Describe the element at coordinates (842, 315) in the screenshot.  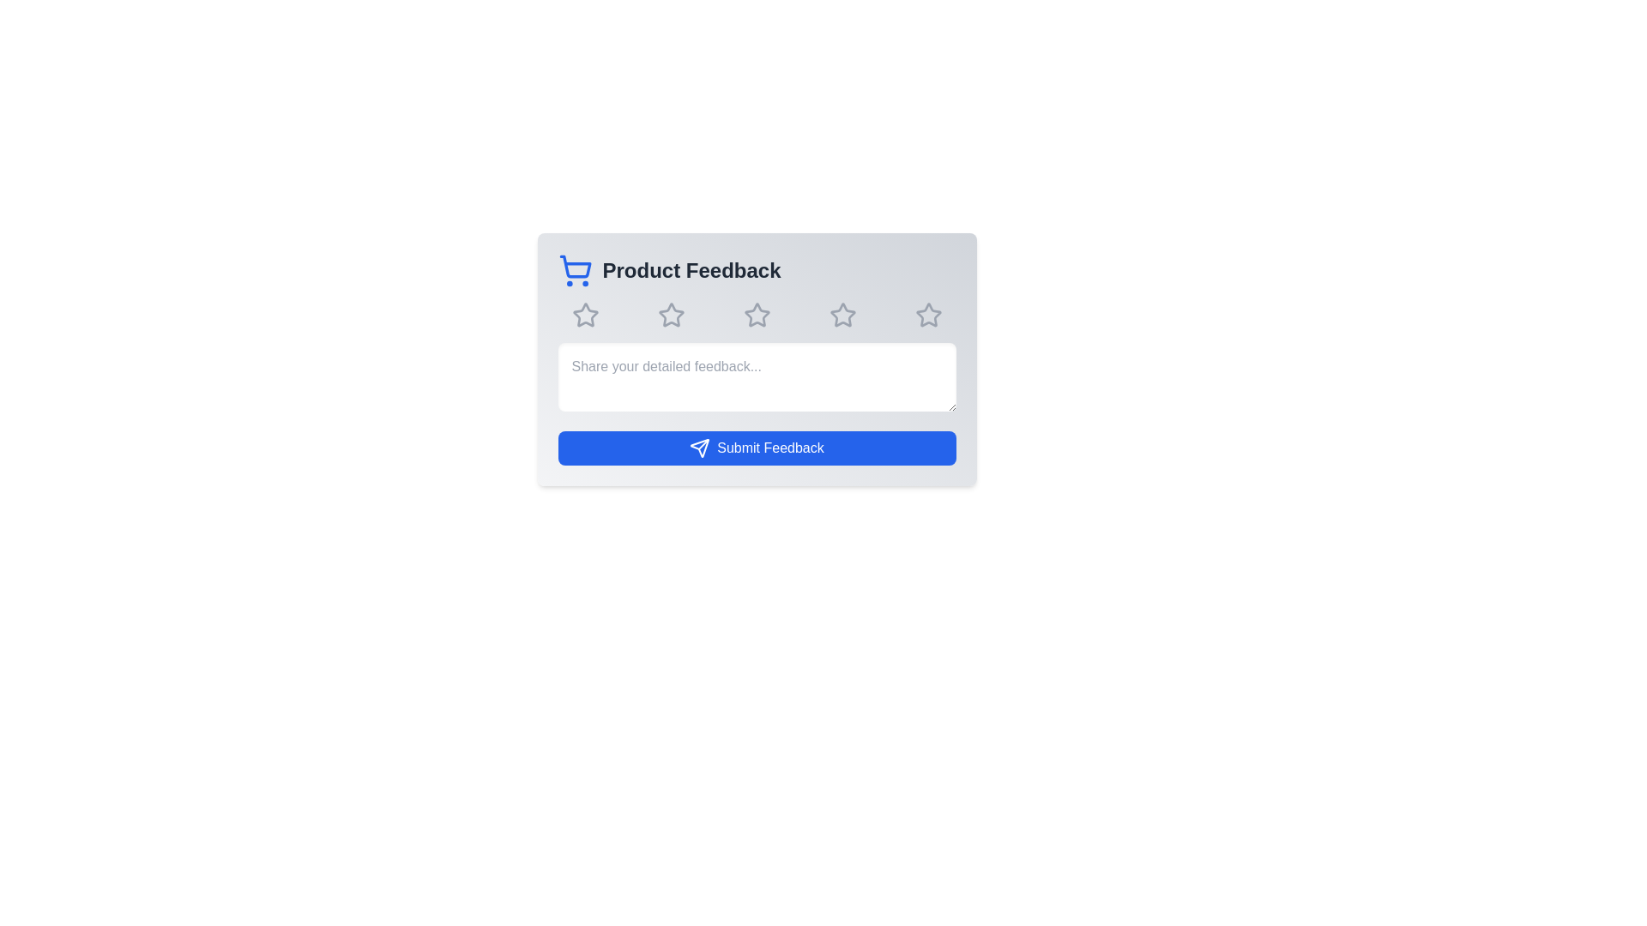
I see `the fifth star-shaped SVG icon with a gray outline in the rating marker section of the feedback form` at that location.